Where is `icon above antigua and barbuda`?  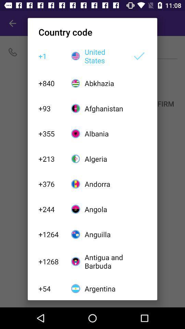
icon above antigua and barbuda is located at coordinates (104, 234).